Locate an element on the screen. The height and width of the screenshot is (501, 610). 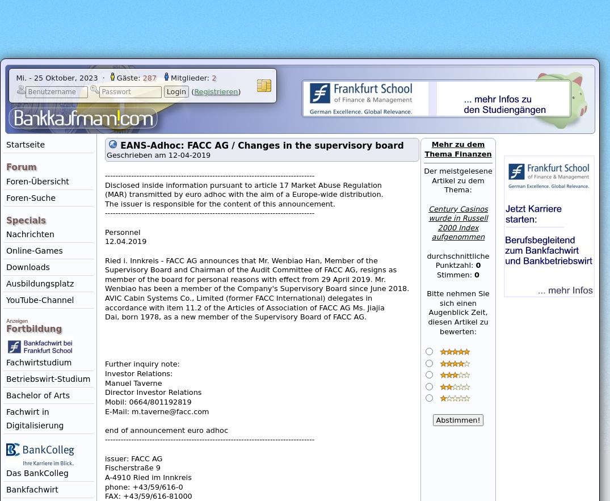
'Bankfachwirt' is located at coordinates (32, 488).